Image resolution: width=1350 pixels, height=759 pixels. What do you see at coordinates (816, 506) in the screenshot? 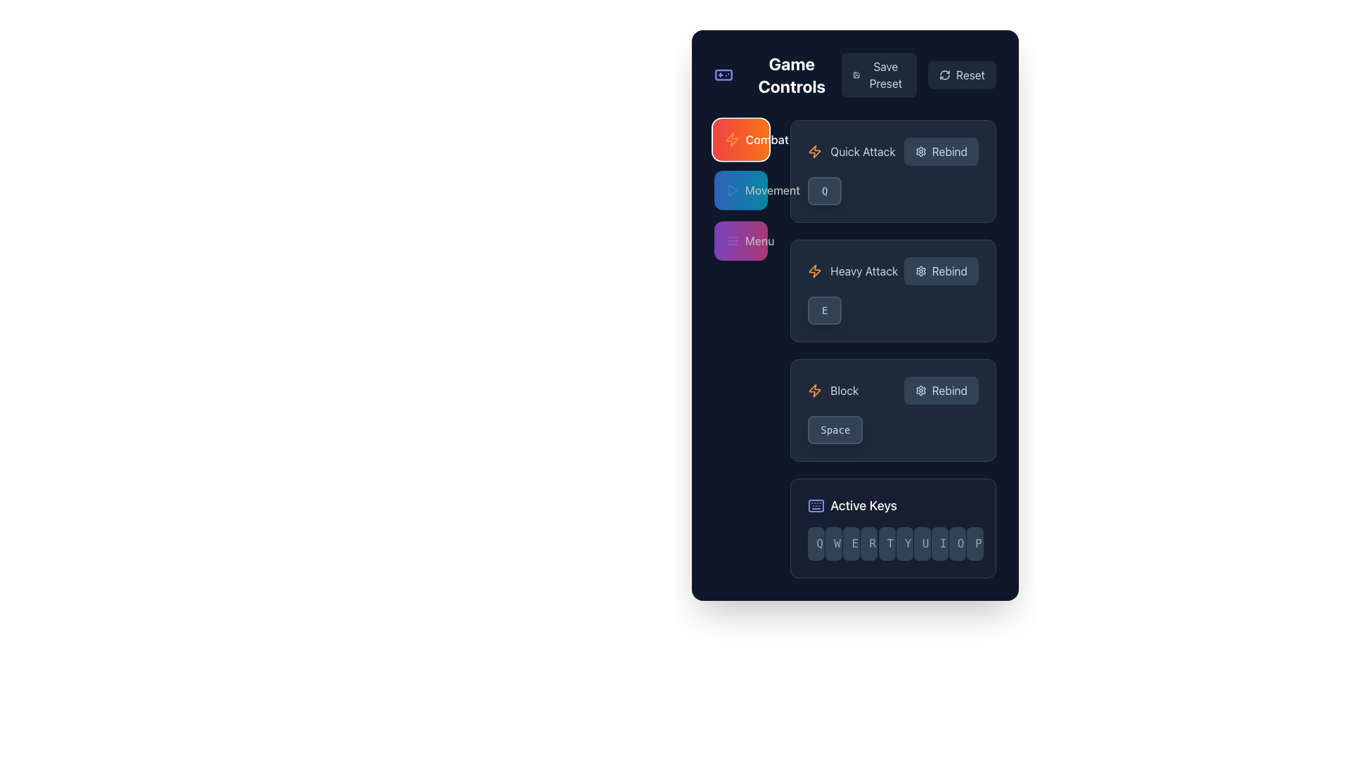
I see `the small indigo keyboard icon located in the 'Active Keys' section, positioned to the left of the 'Active Keys' label` at bounding box center [816, 506].